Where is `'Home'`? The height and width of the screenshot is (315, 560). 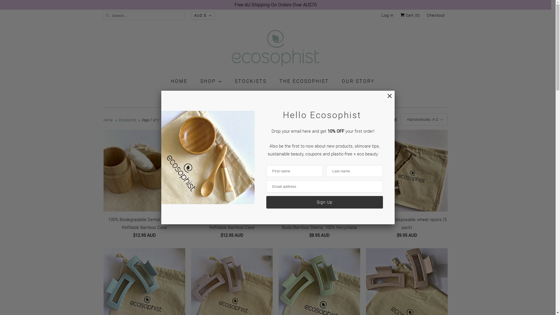 'Home' is located at coordinates (109, 120).